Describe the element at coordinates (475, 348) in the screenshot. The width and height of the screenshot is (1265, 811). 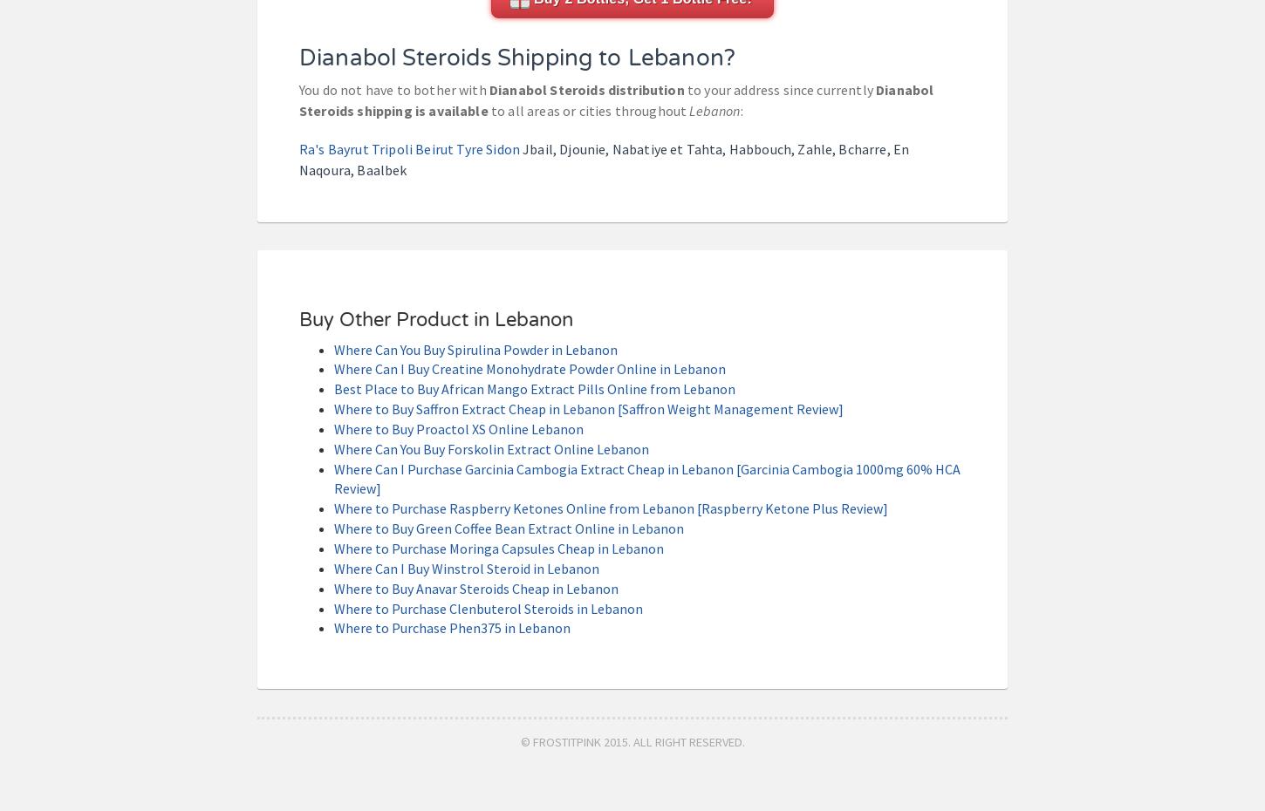
I see `'Where Can You Buy Spirulina Powder in Lebanon'` at that location.